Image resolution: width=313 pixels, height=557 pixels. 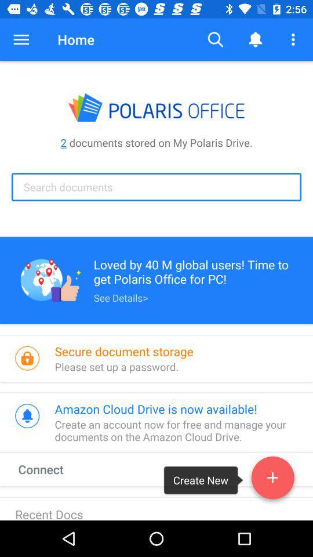 I want to click on item next to the home button, so click(x=21, y=39).